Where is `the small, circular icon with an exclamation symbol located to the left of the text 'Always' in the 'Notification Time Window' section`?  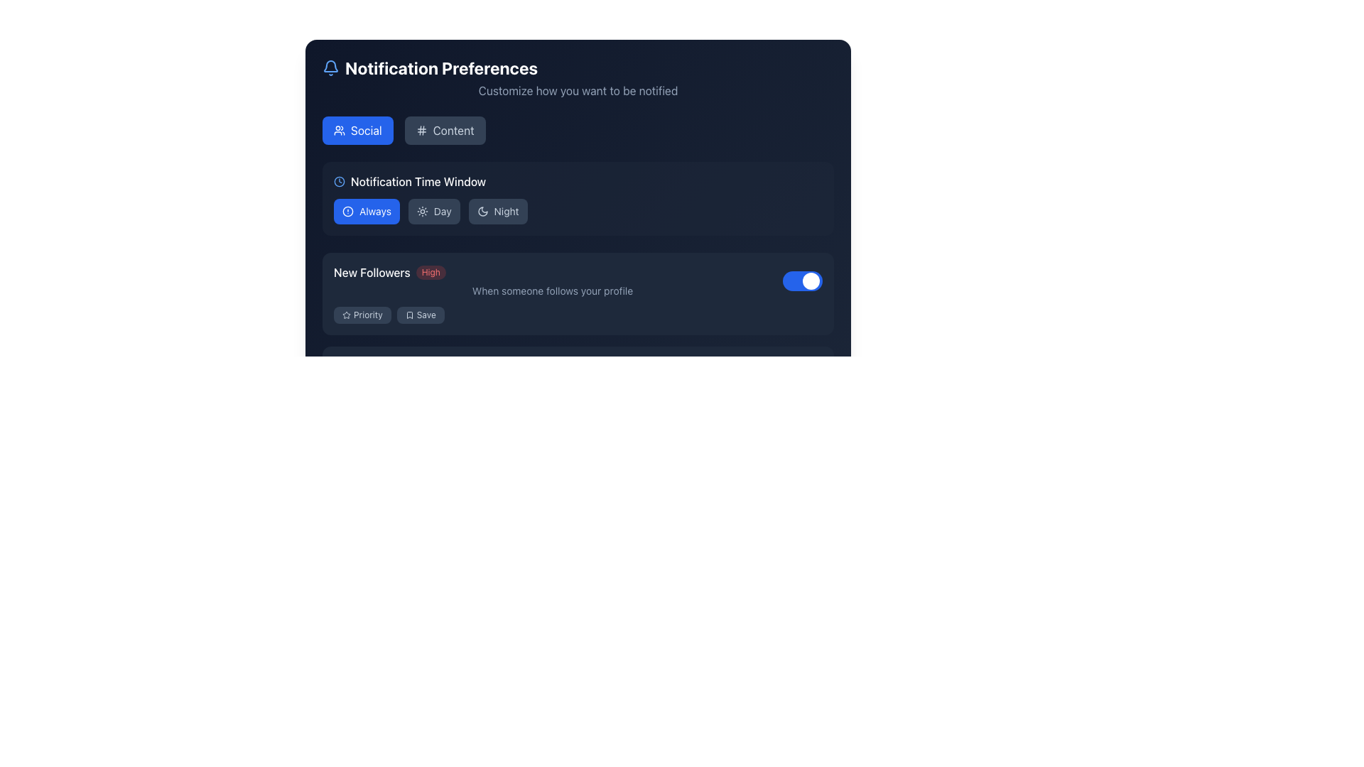 the small, circular icon with an exclamation symbol located to the left of the text 'Always' in the 'Notification Time Window' section is located at coordinates (347, 211).